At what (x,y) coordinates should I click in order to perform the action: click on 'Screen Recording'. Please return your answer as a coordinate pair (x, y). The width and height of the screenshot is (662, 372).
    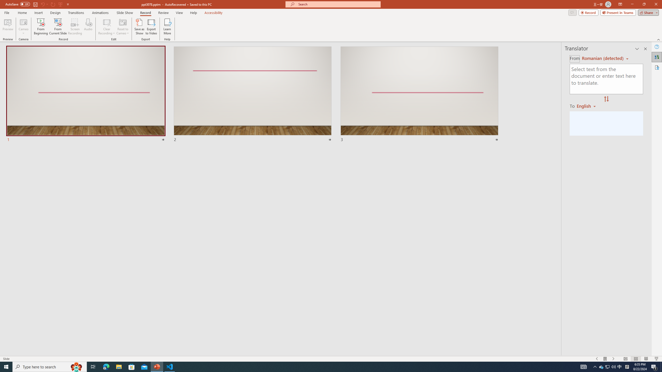
    Looking at the image, I should click on (75, 27).